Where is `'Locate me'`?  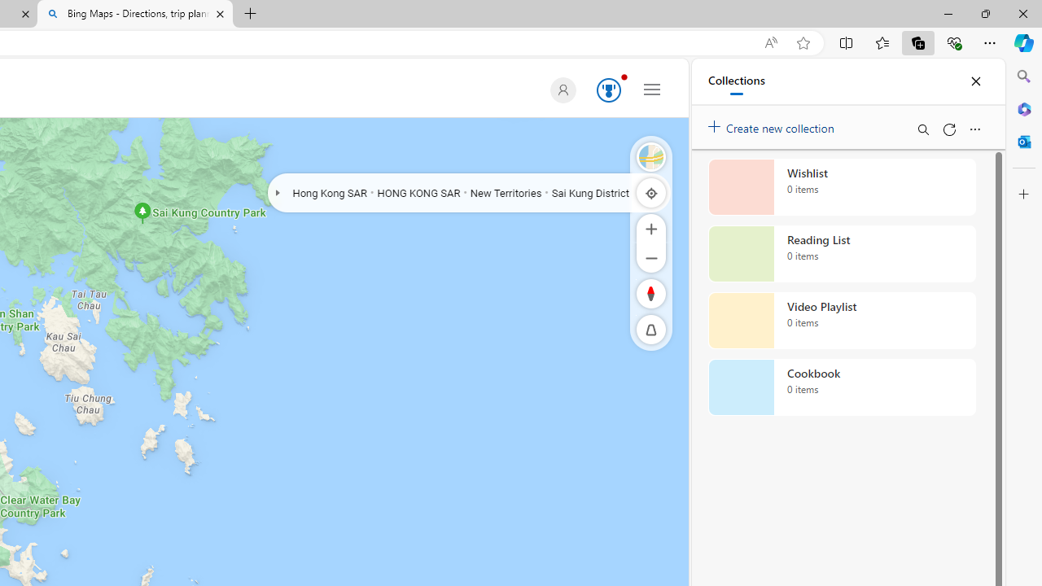 'Locate me' is located at coordinates (651, 191).